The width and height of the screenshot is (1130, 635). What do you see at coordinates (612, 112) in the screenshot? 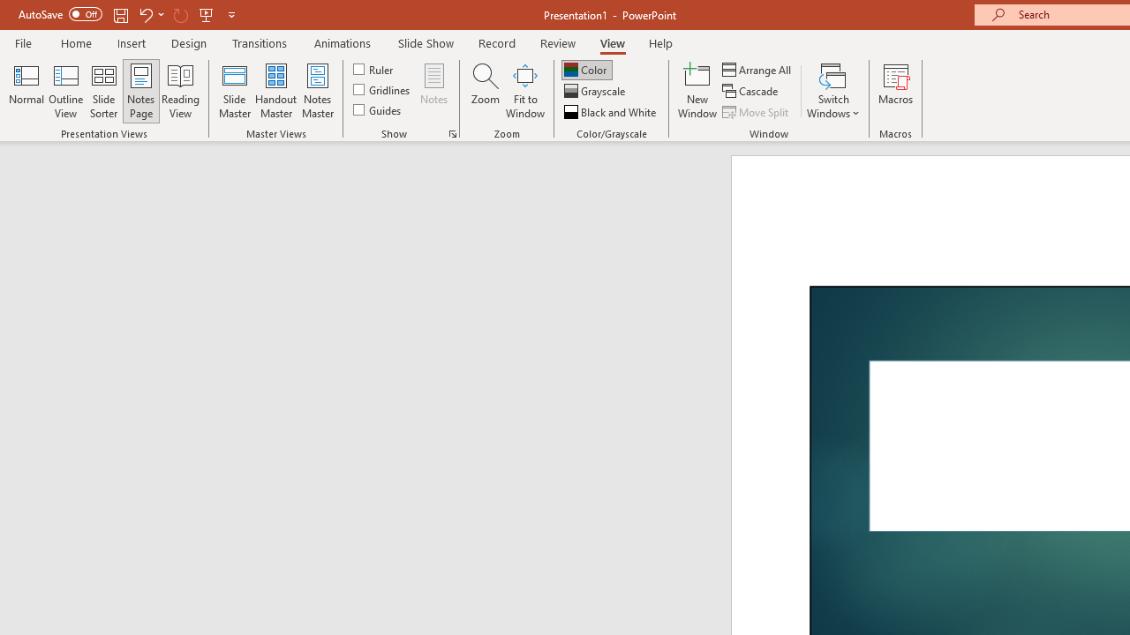
I see `'Black and White'` at bounding box center [612, 112].